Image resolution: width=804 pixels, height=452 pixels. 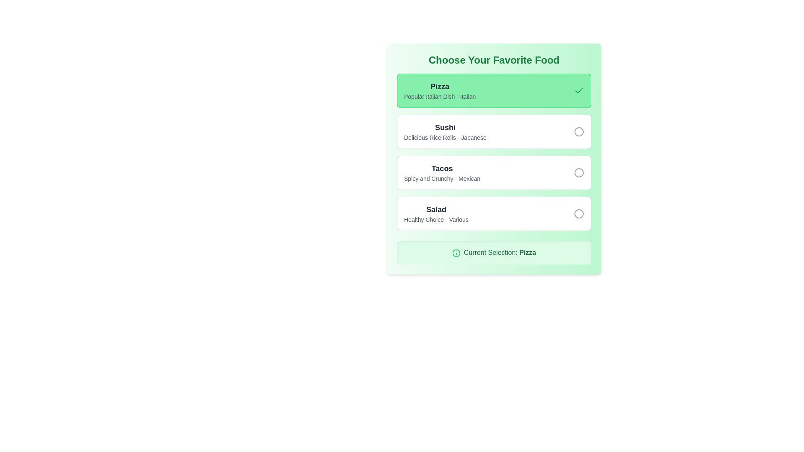 I want to click on the unselected radio button (visualized as an SVG circle), so click(x=578, y=132).